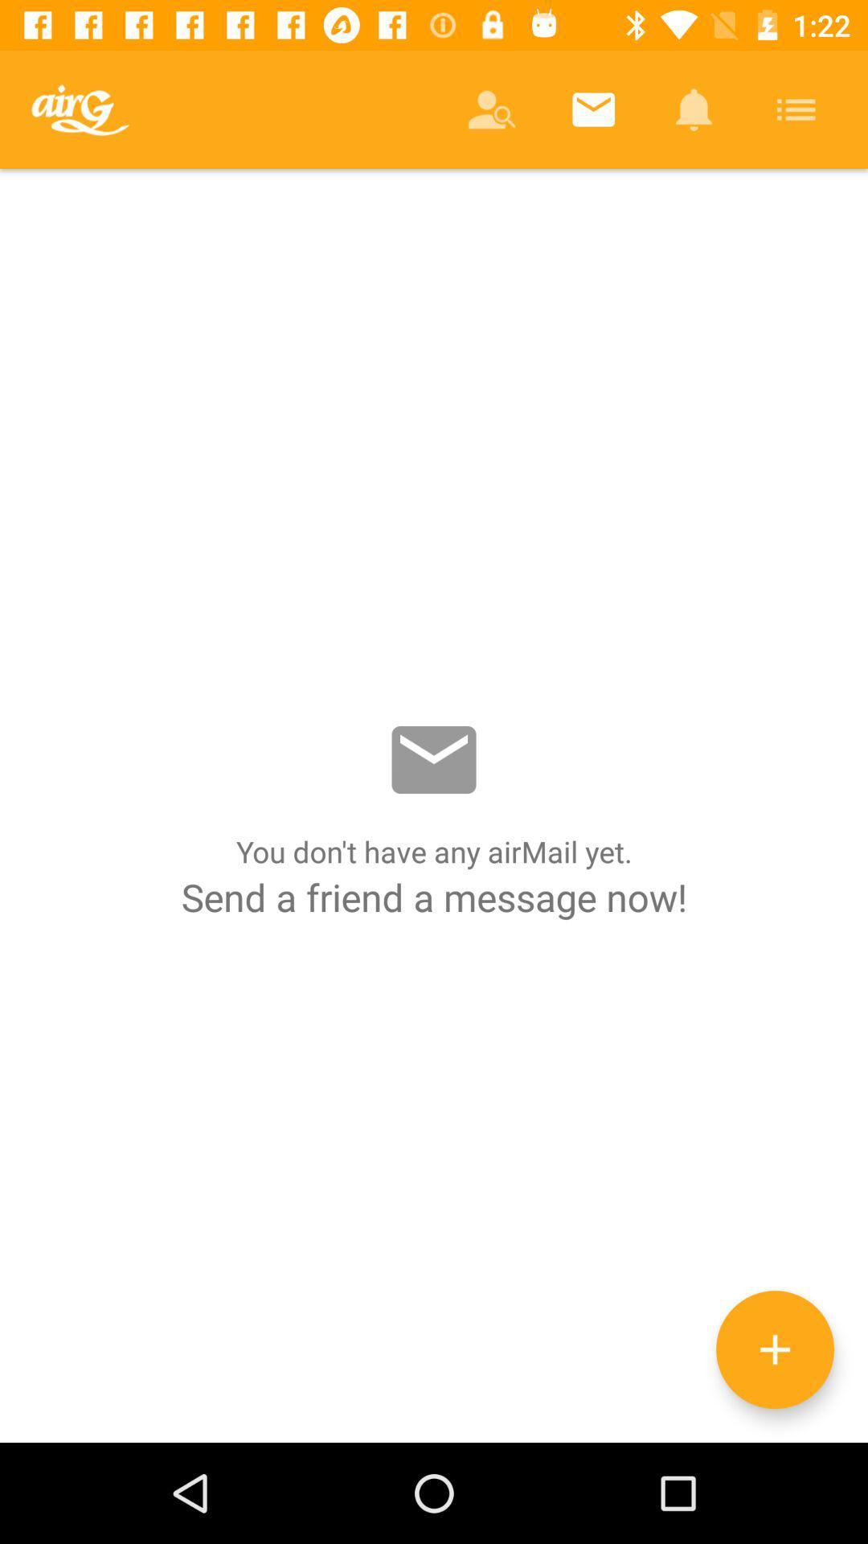 The width and height of the screenshot is (868, 1544). Describe the element at coordinates (774, 1349) in the screenshot. I see `options` at that location.